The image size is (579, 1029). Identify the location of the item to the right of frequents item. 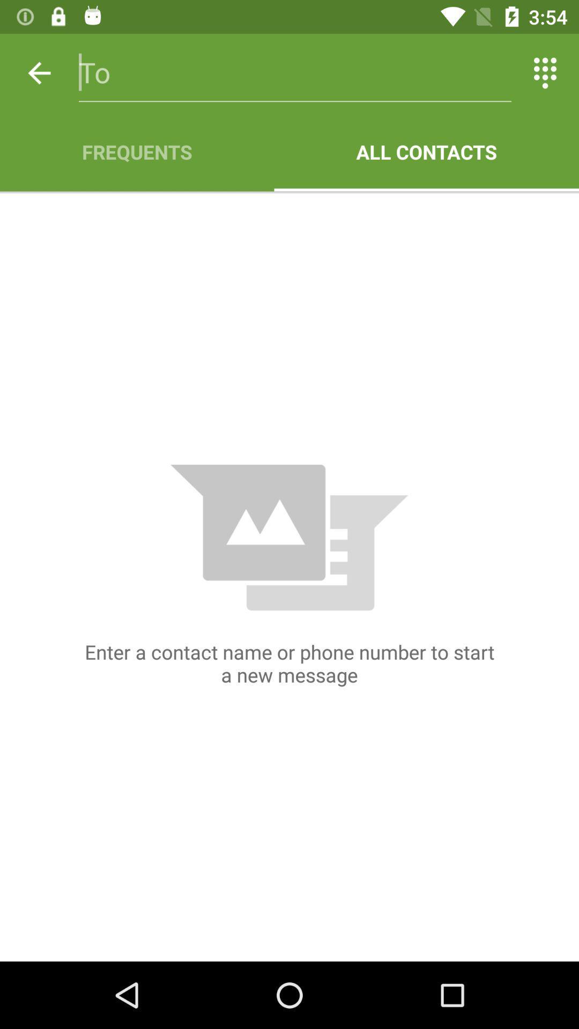
(426, 151).